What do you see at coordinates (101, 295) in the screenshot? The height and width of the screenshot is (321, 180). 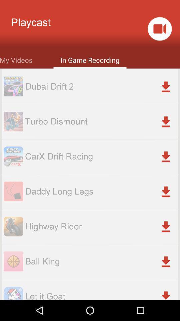 I see `the let it goat` at bounding box center [101, 295].